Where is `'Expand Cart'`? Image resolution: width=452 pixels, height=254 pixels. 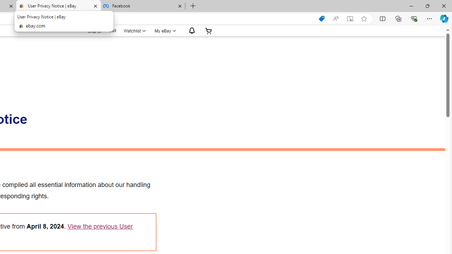
'Expand Cart' is located at coordinates (208, 30).